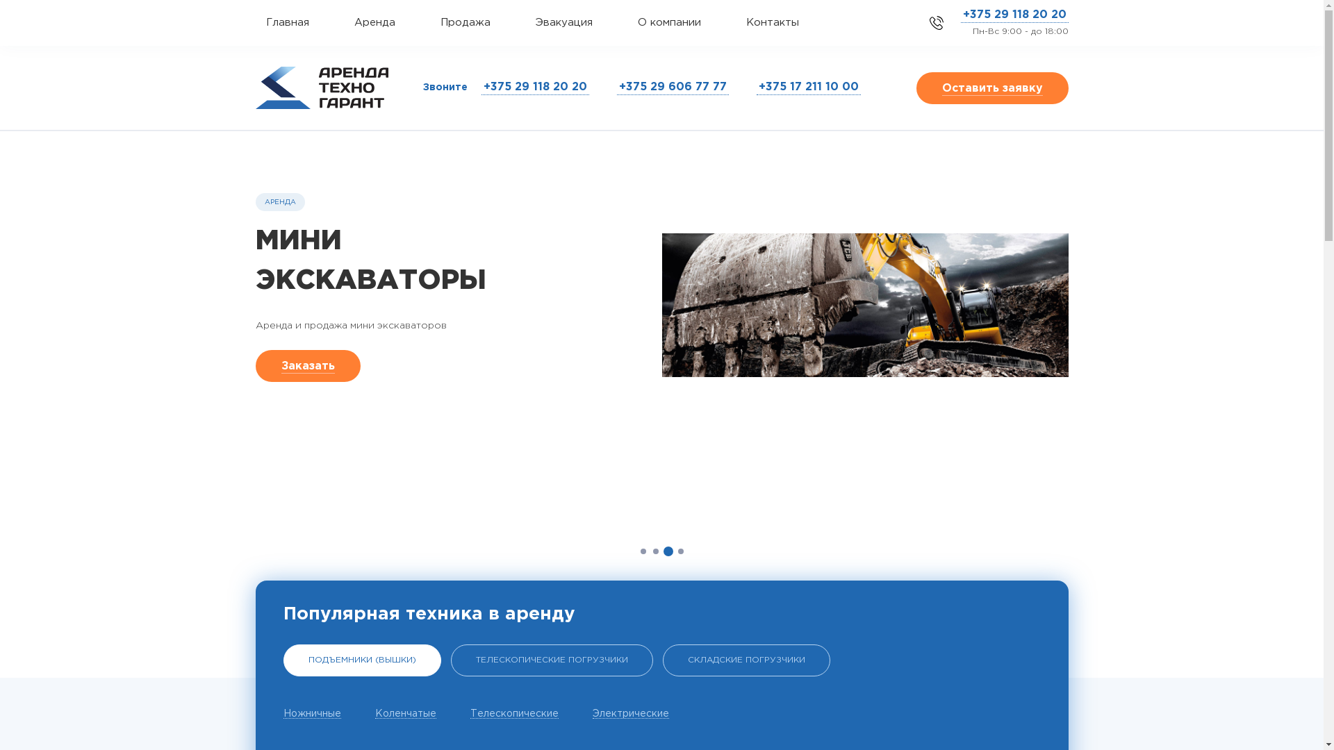 This screenshot has height=750, width=1334. What do you see at coordinates (655, 551) in the screenshot?
I see `'2'` at bounding box center [655, 551].